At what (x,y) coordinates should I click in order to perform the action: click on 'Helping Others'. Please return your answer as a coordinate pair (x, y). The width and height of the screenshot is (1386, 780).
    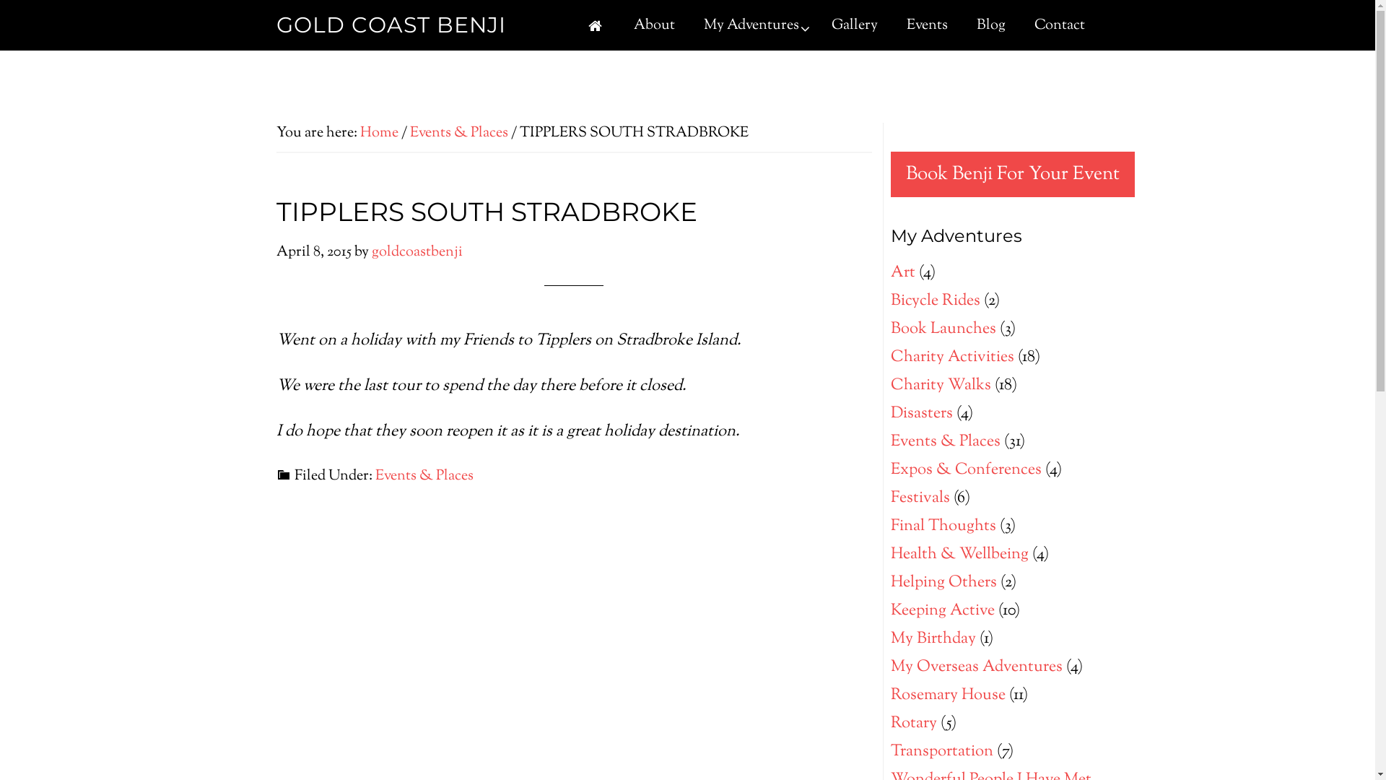
    Looking at the image, I should click on (889, 581).